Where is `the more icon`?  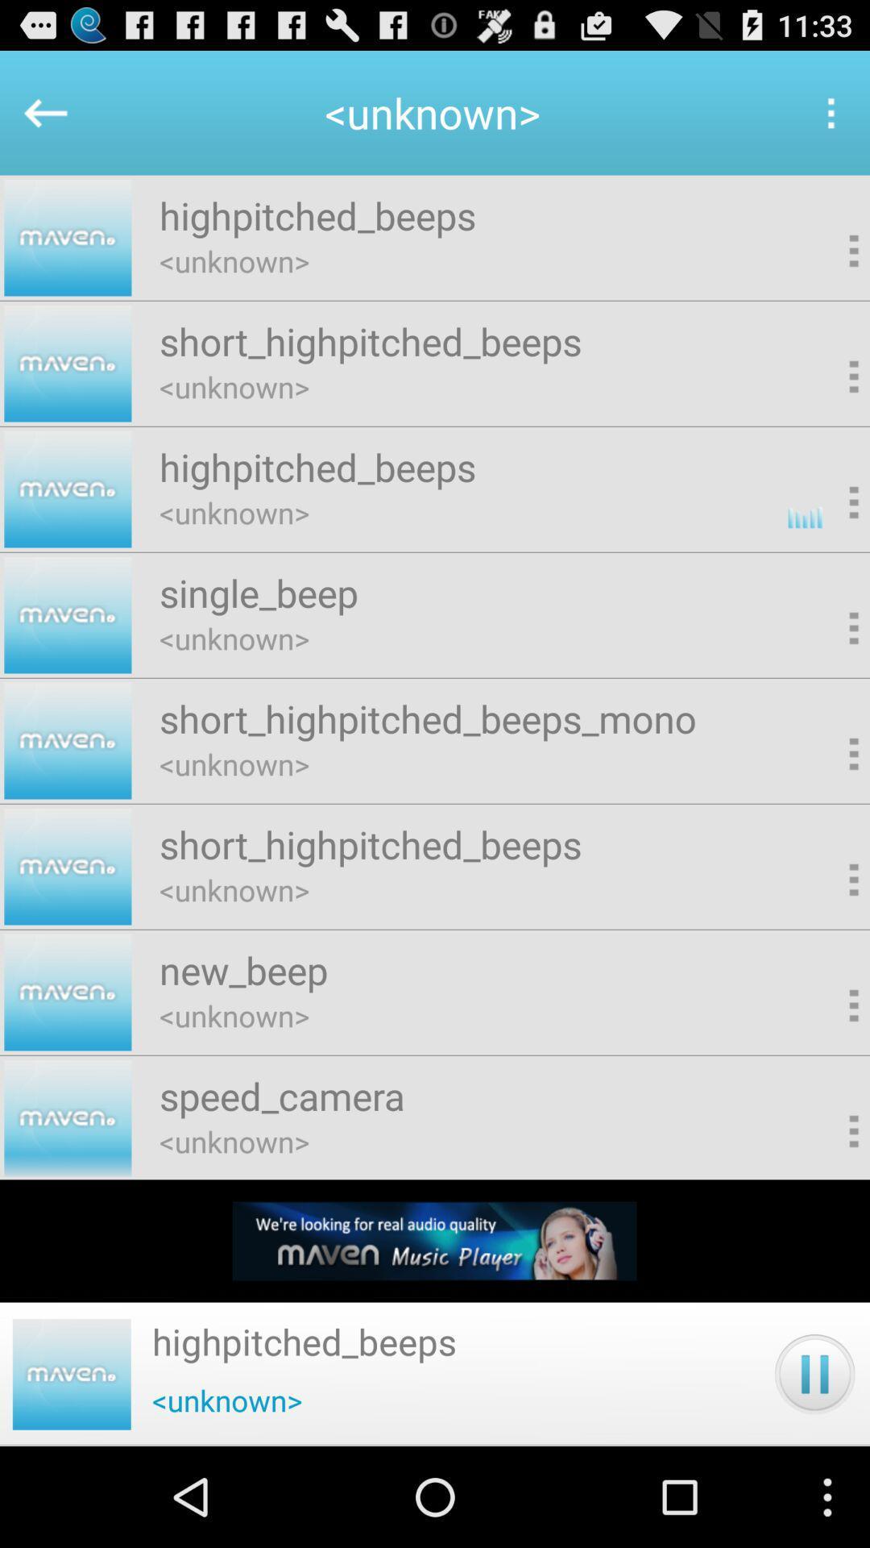 the more icon is located at coordinates (830, 120).